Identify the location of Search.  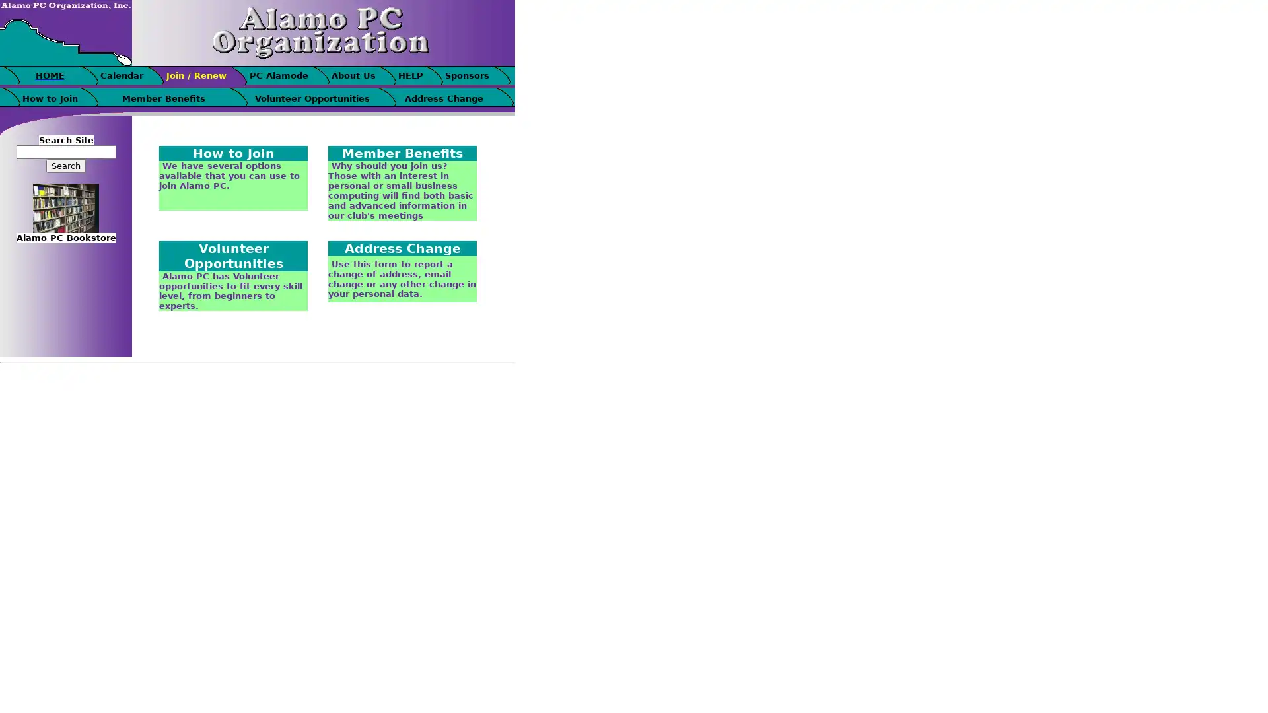
(65, 165).